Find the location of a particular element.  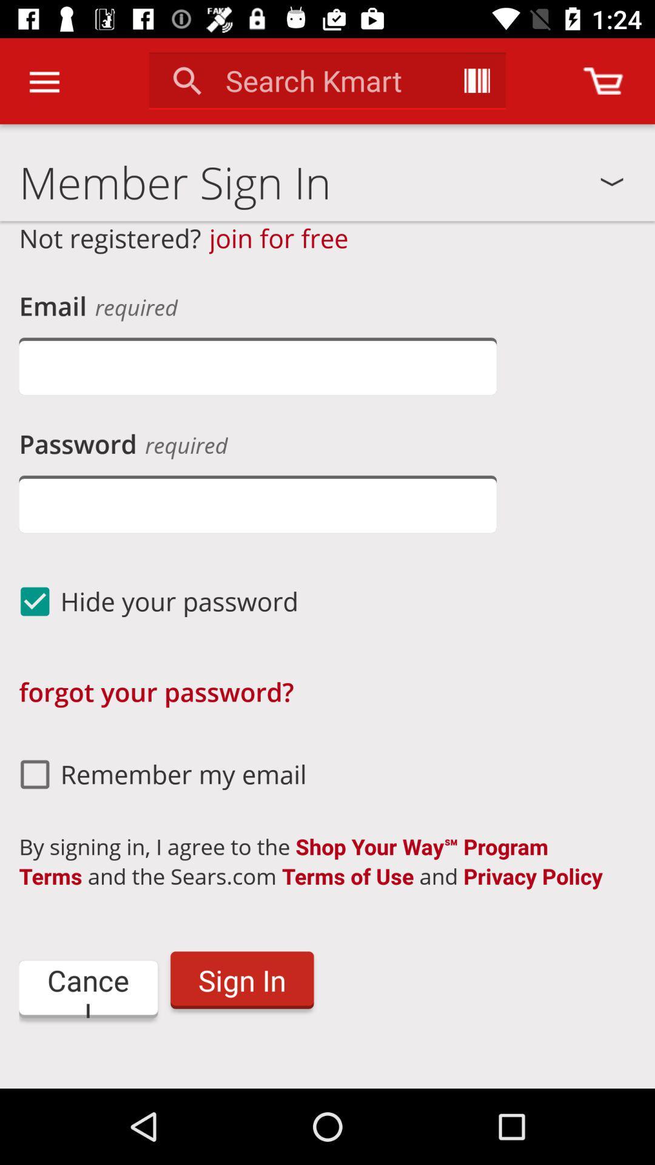

put your email address here is located at coordinates (257, 365).